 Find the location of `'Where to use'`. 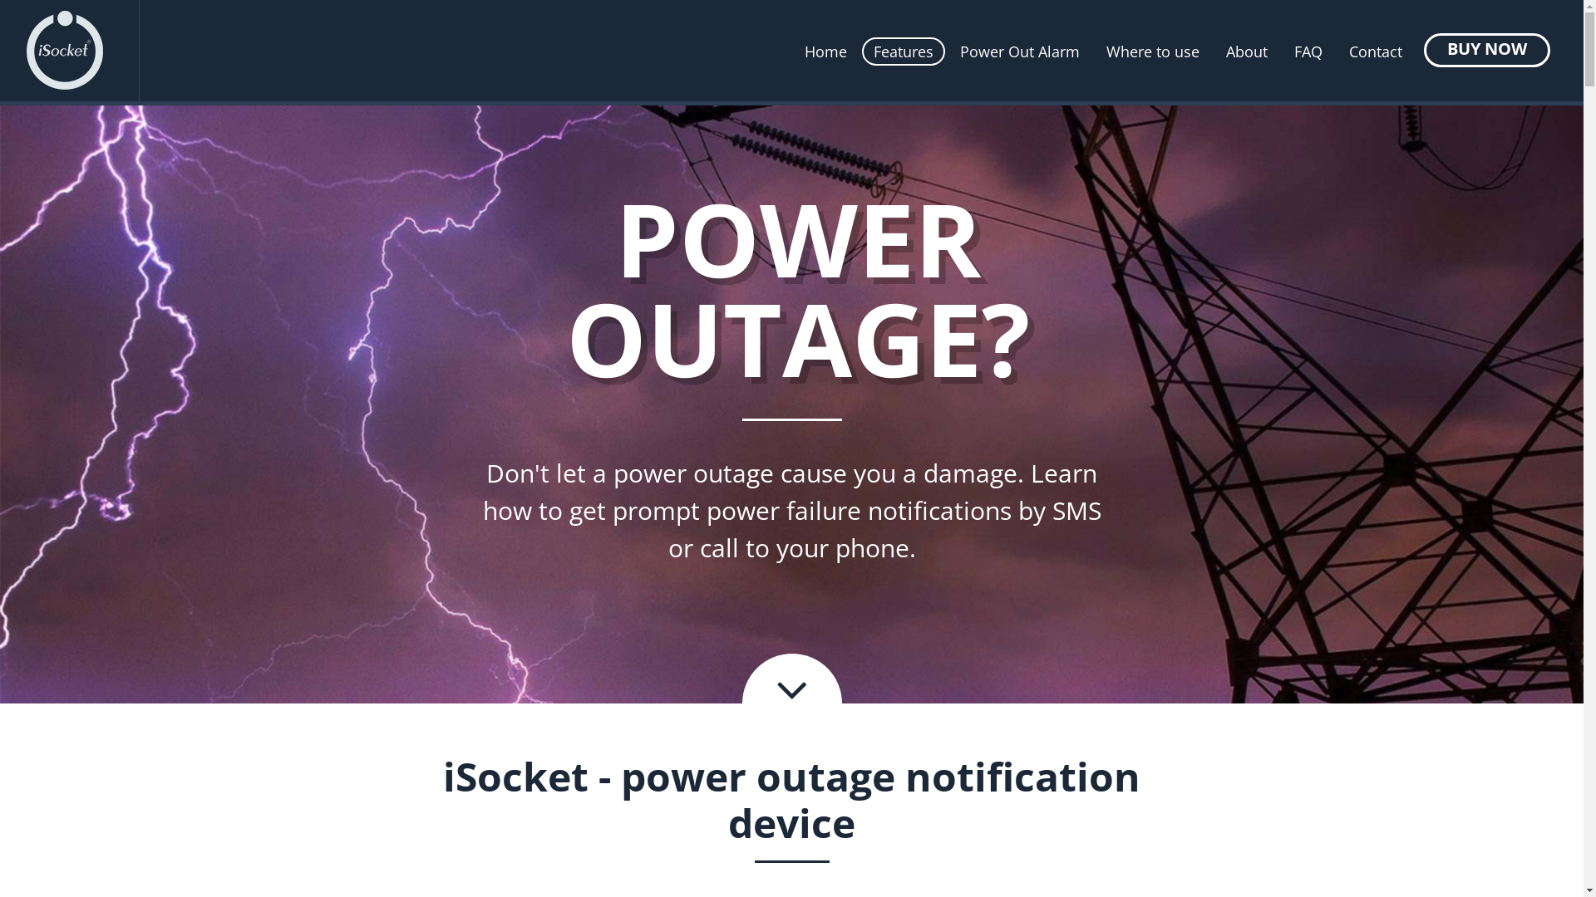

'Where to use' is located at coordinates (1152, 50).